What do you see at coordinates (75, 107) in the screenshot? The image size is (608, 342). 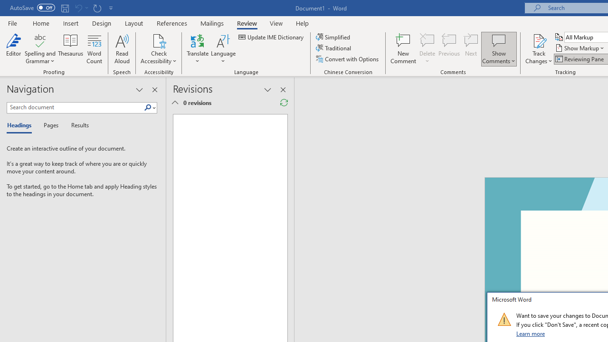 I see `'Search document'` at bounding box center [75, 107].